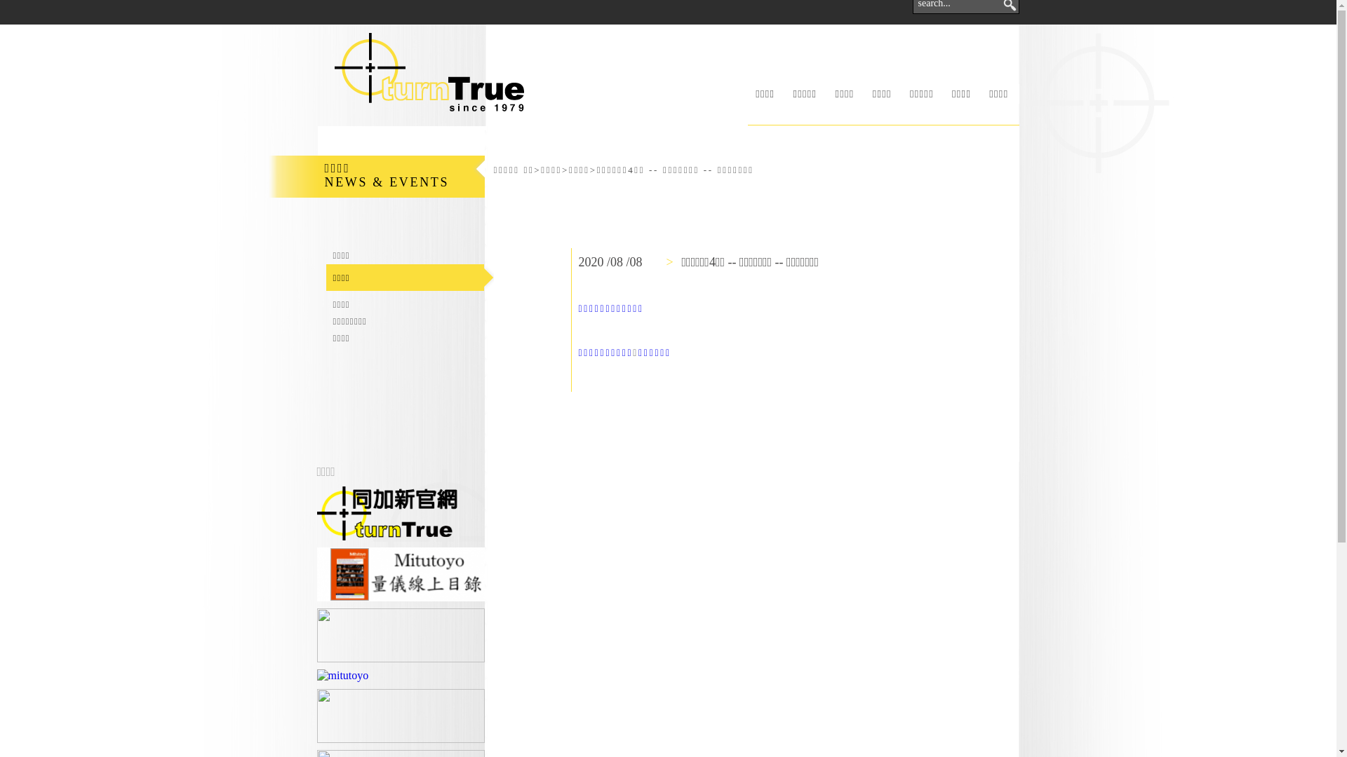  Describe the element at coordinates (343, 675) in the screenshot. I see `'mitutoyo'` at that location.